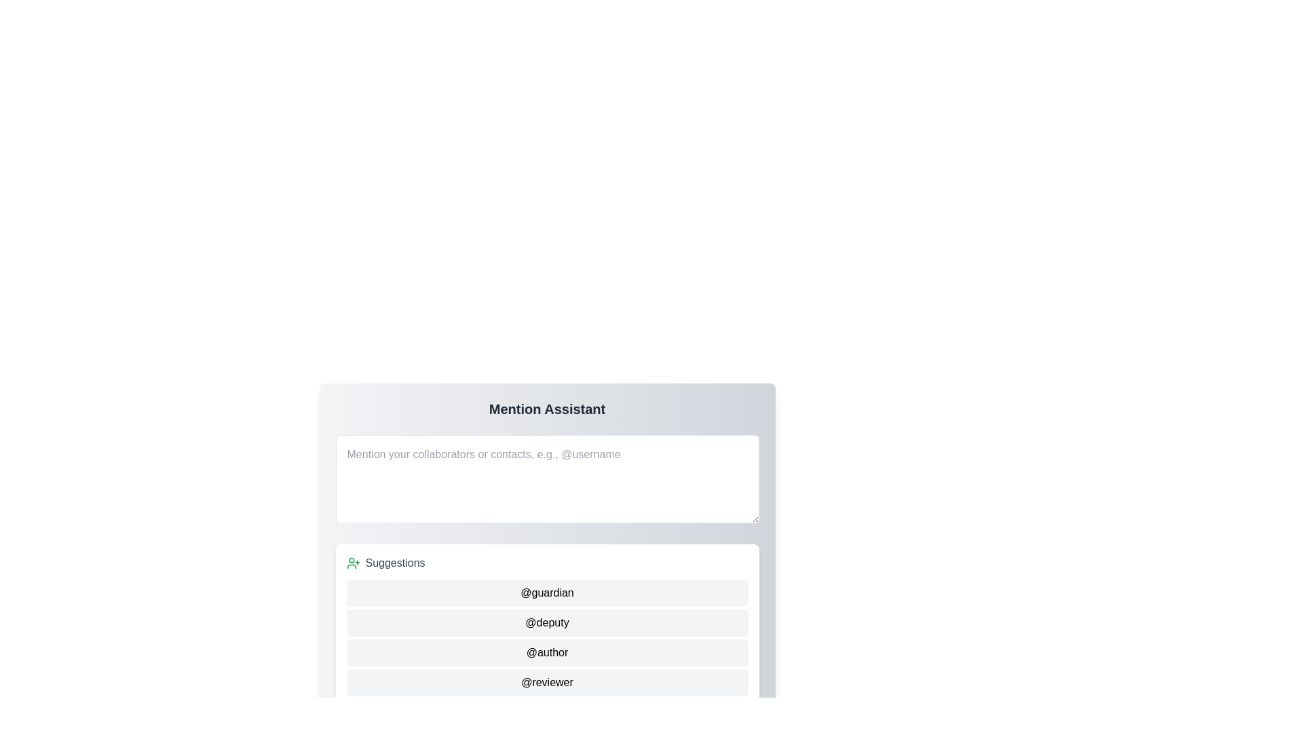 This screenshot has width=1303, height=733. What do you see at coordinates (394, 563) in the screenshot?
I see `the 'Suggestions' text label for accessibility navigation by moving to its center point` at bounding box center [394, 563].